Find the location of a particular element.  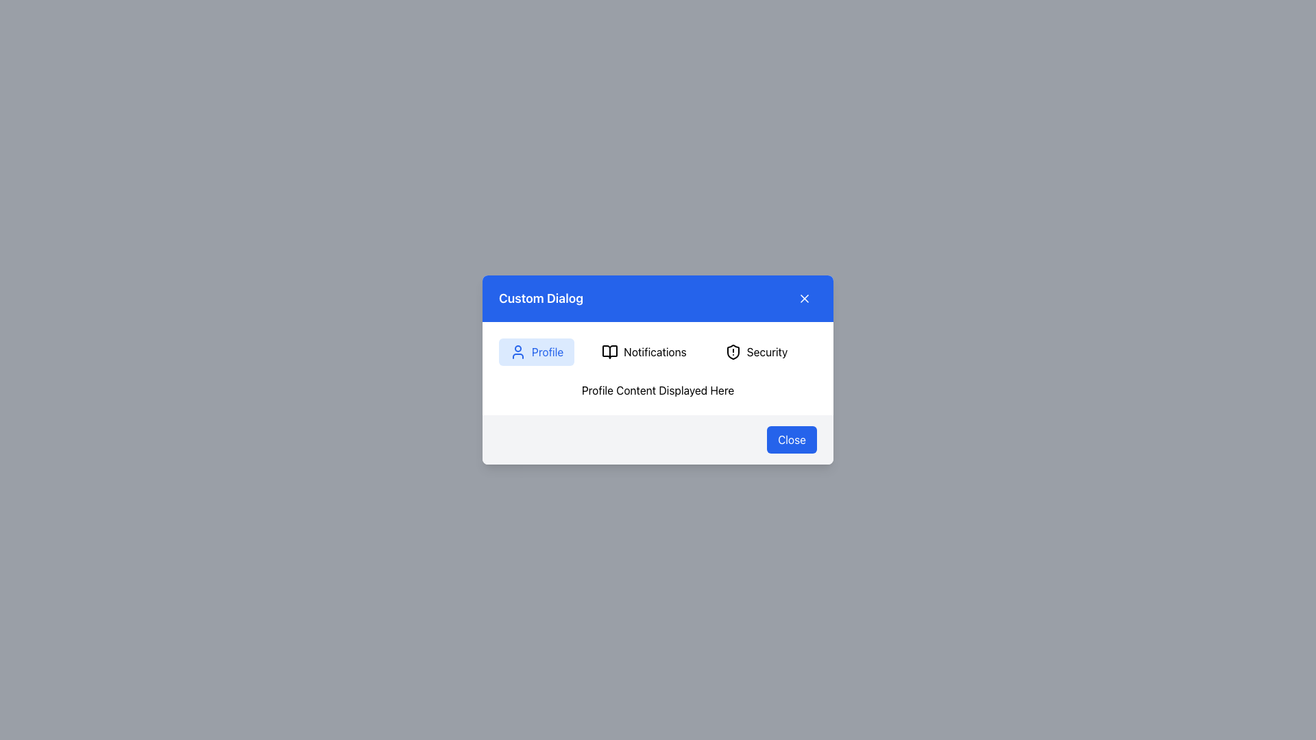

the 'X' shaped graphical icon located in the top-right corner of the dialog box is located at coordinates (805, 297).